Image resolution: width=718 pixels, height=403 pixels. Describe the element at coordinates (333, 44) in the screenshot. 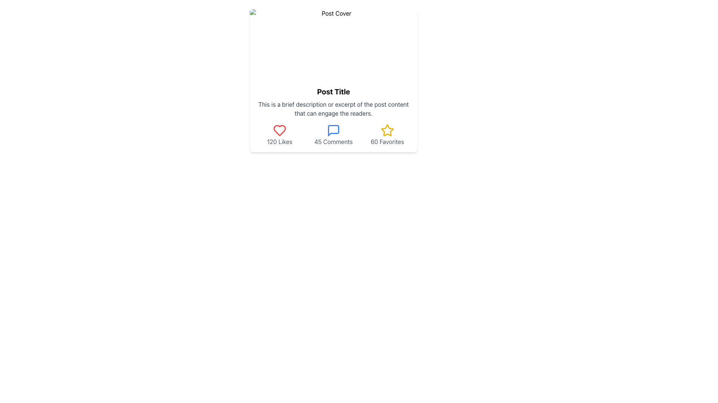

I see `the rectangular image placeholder labeled 'Post Cover' at the top of the card layout` at that location.